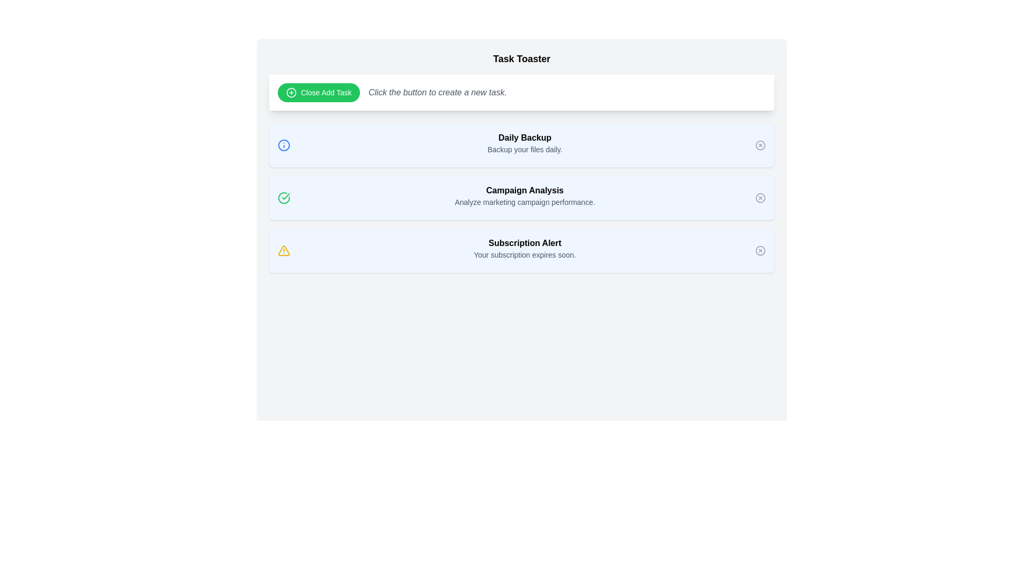 The width and height of the screenshot is (1012, 569). I want to click on the visual design of the circular graphic element that is part of the action-related icon, located in the top-left corner of the 'Close Add Task' button, so click(291, 92).